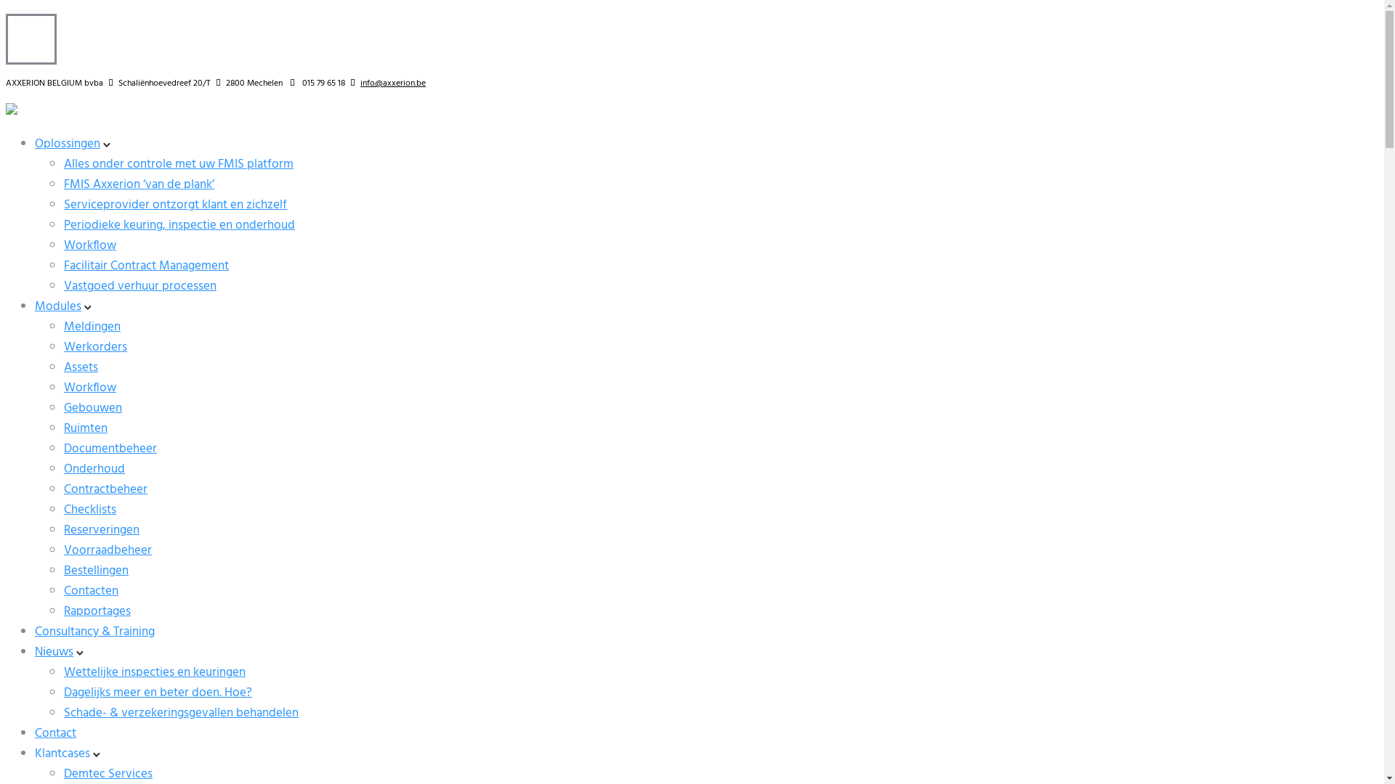 The image size is (1395, 784). I want to click on 'info@axxerion.be', so click(393, 83).